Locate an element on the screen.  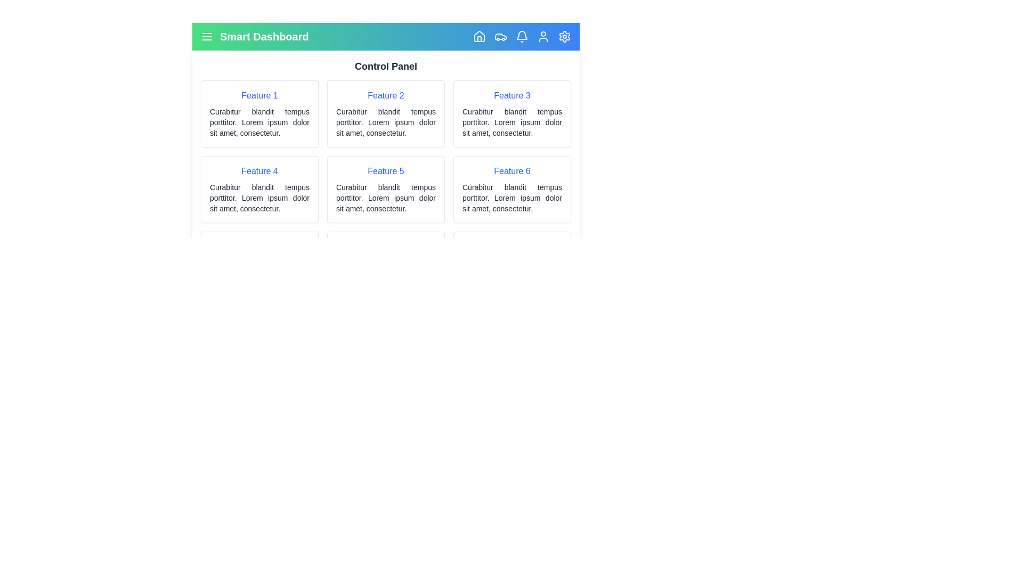
the element with the class 'lucide-bell' to observe visual feedback is located at coordinates (522, 36).